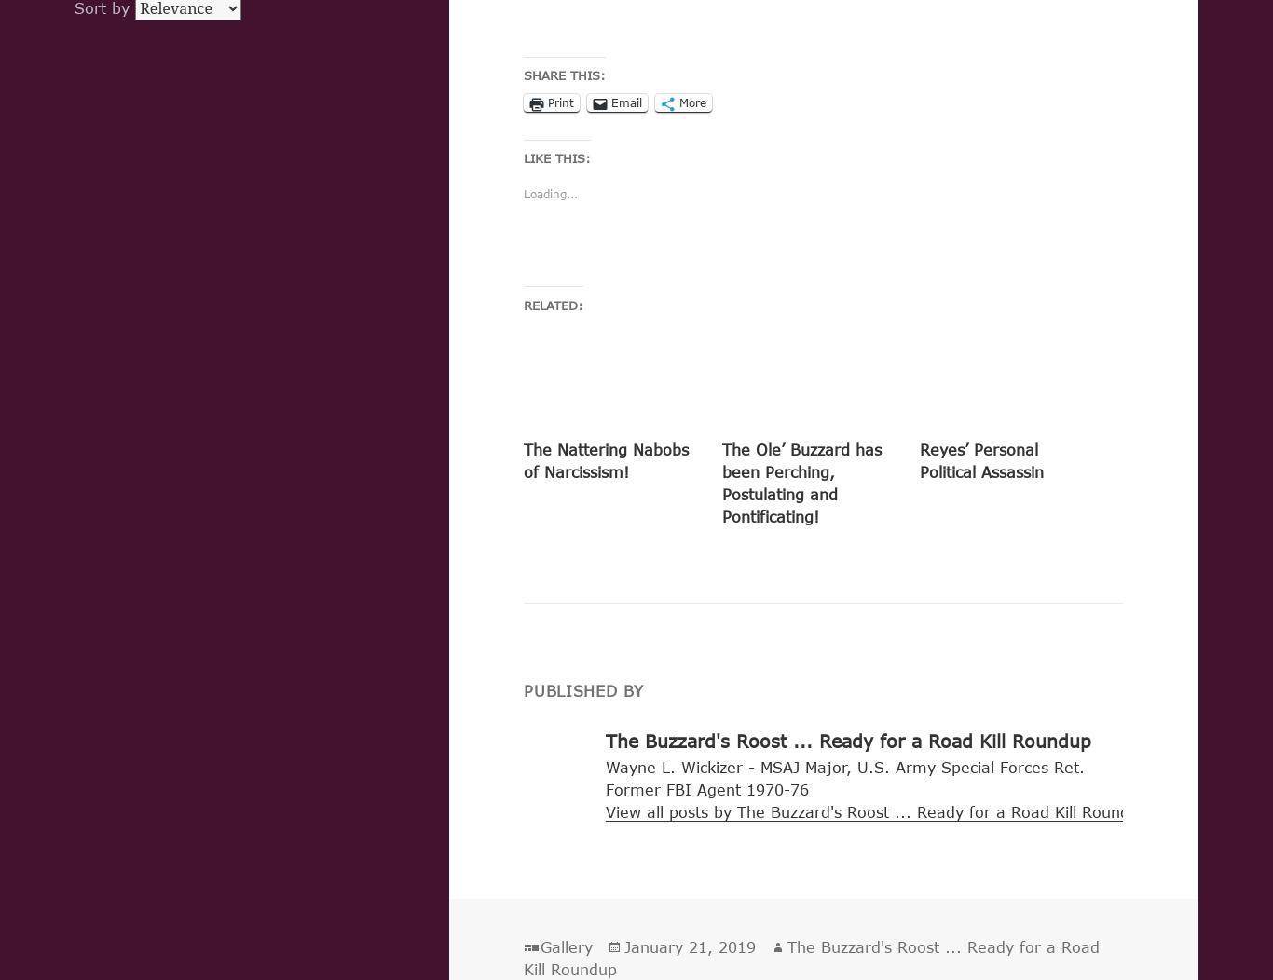  I want to click on 'View all posts by The Buzzard's Roost ... Ready for a Road Kill Roundup', so click(604, 810).